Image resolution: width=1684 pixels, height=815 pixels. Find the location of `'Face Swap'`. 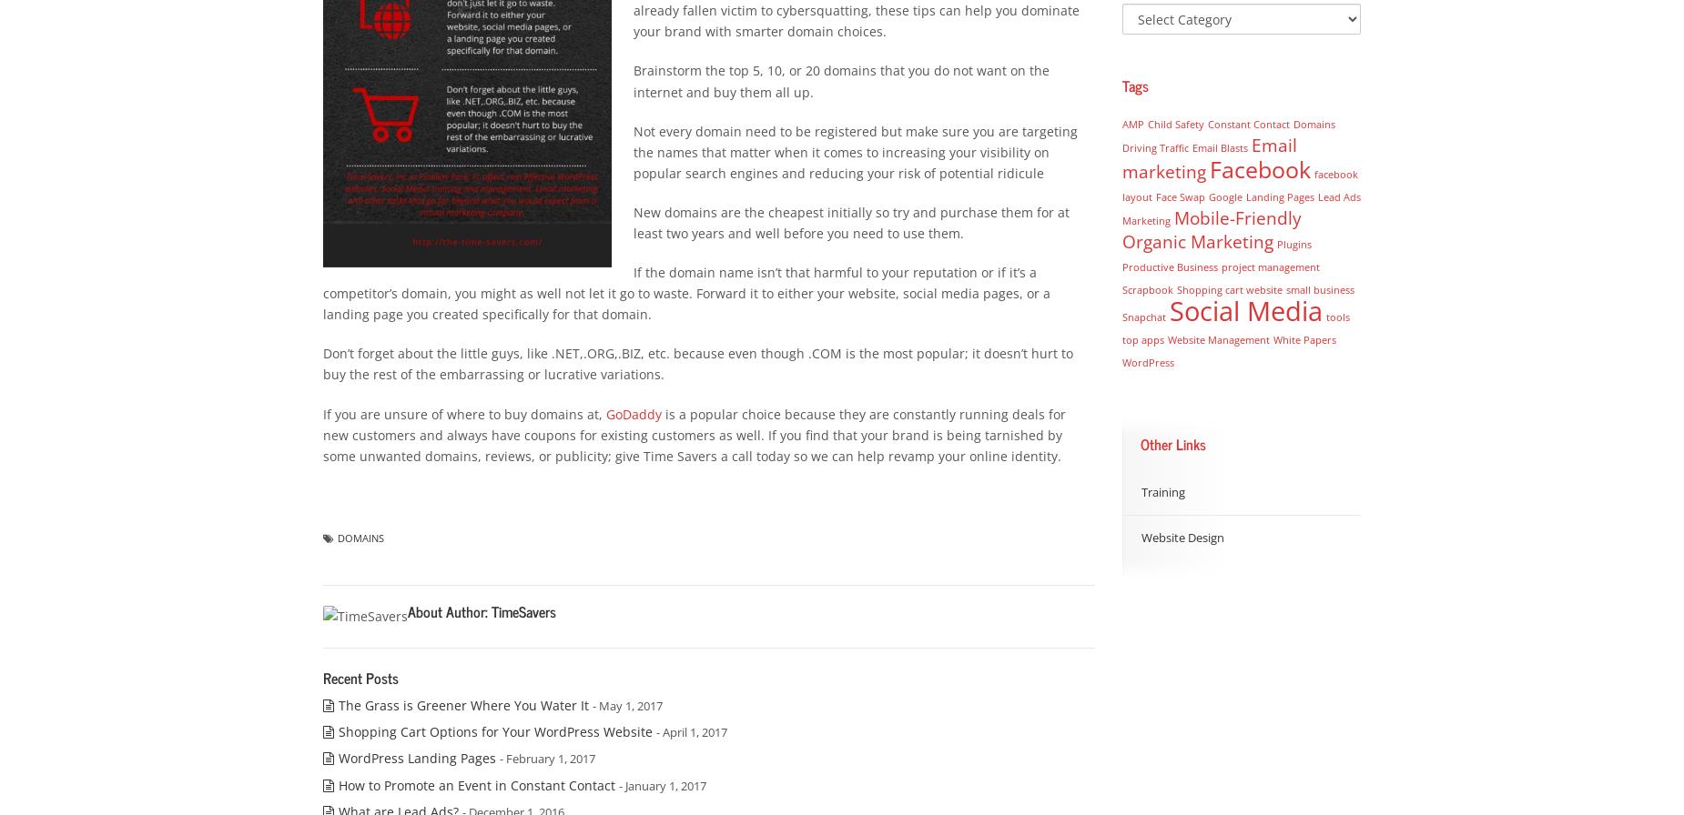

'Face Swap' is located at coordinates (1178, 196).